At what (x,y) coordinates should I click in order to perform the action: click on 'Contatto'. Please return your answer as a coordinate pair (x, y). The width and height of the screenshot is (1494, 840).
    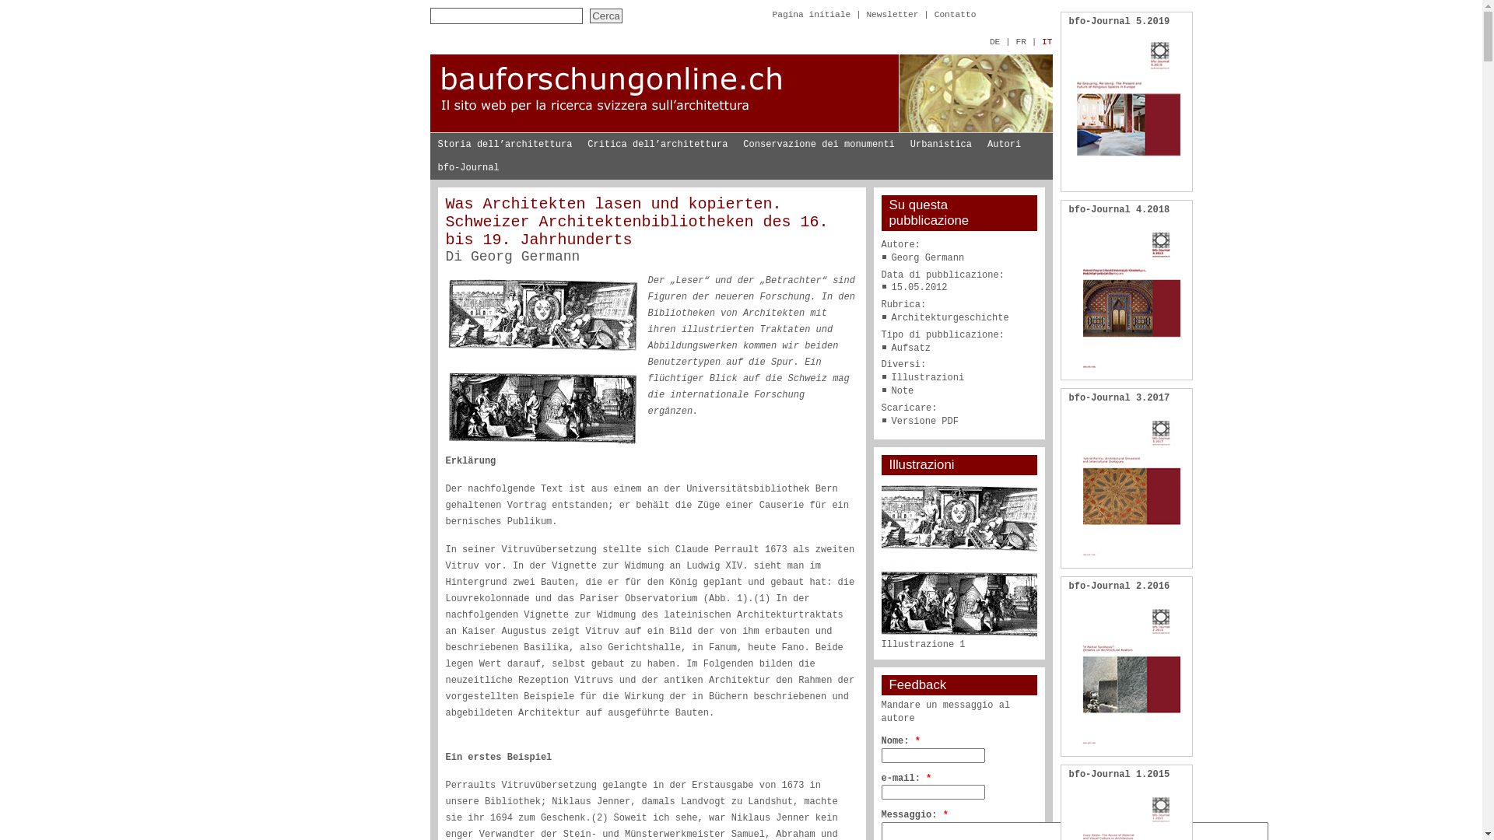
    Looking at the image, I should click on (934, 15).